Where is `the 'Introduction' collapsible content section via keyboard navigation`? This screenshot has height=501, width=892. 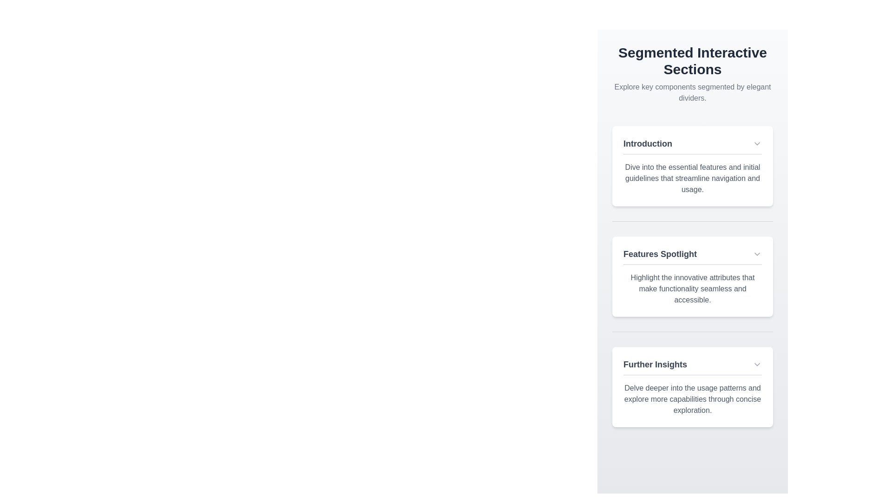 the 'Introduction' collapsible content section via keyboard navigation is located at coordinates (693, 166).